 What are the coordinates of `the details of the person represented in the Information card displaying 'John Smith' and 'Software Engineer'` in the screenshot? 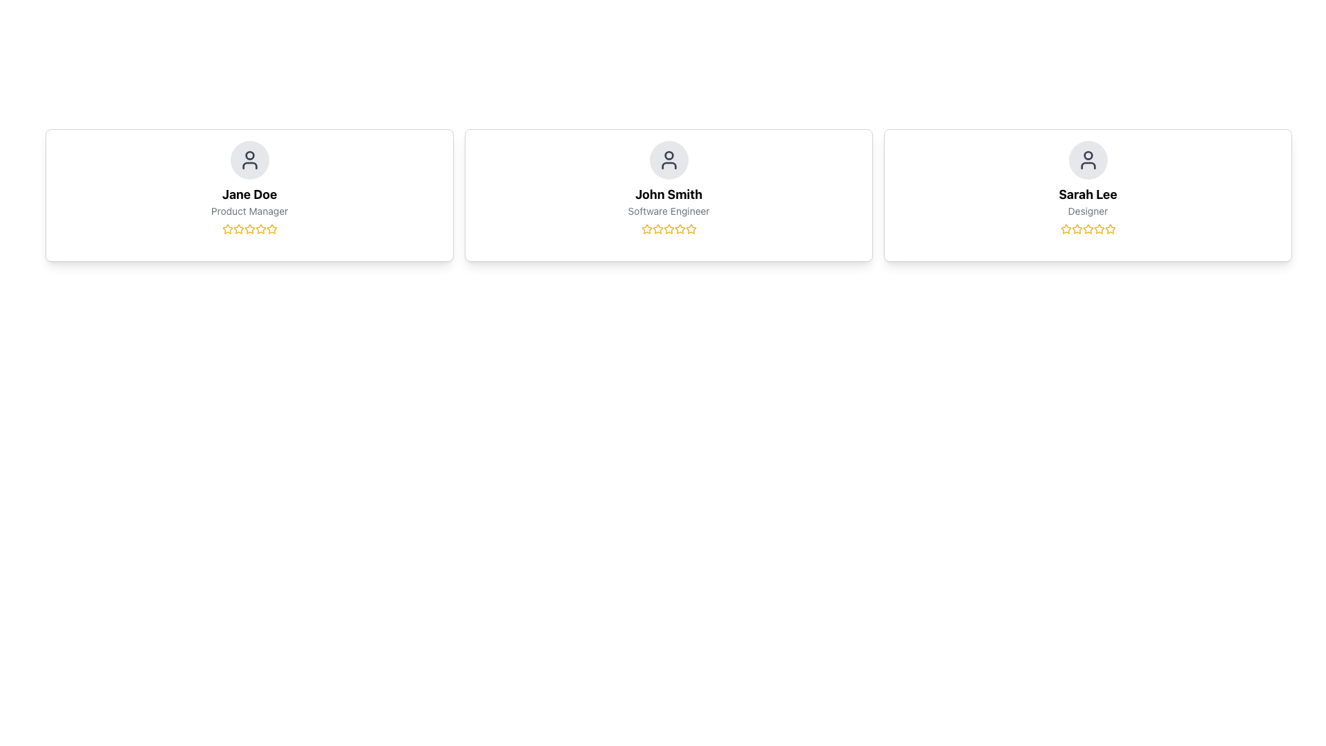 It's located at (669, 195).